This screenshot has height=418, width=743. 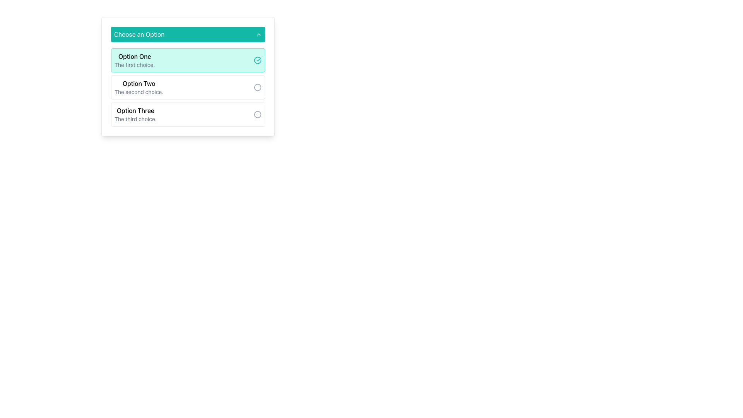 What do you see at coordinates (188, 87) in the screenshot?
I see `the radio button next to 'Option Two' in the vertical stack of radio button options` at bounding box center [188, 87].